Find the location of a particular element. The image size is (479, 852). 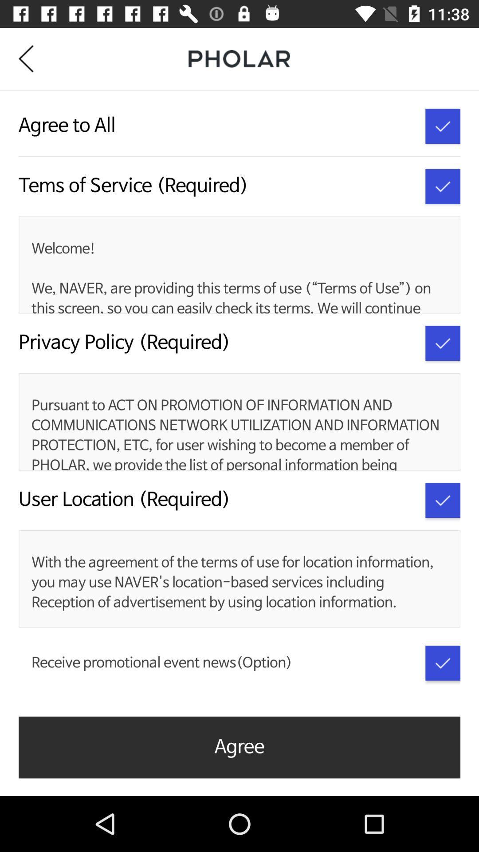

promotional news on is located at coordinates (443, 663).